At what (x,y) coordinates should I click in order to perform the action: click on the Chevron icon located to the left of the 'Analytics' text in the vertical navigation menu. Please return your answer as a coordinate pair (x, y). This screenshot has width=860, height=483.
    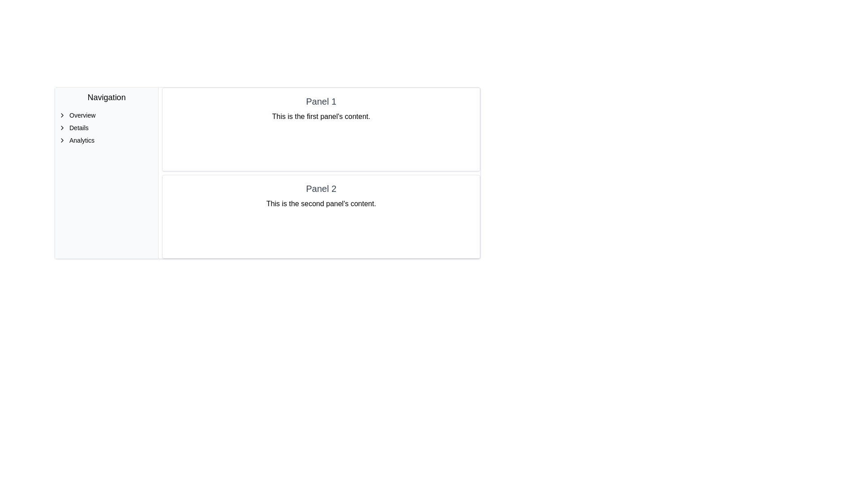
    Looking at the image, I should click on (62, 140).